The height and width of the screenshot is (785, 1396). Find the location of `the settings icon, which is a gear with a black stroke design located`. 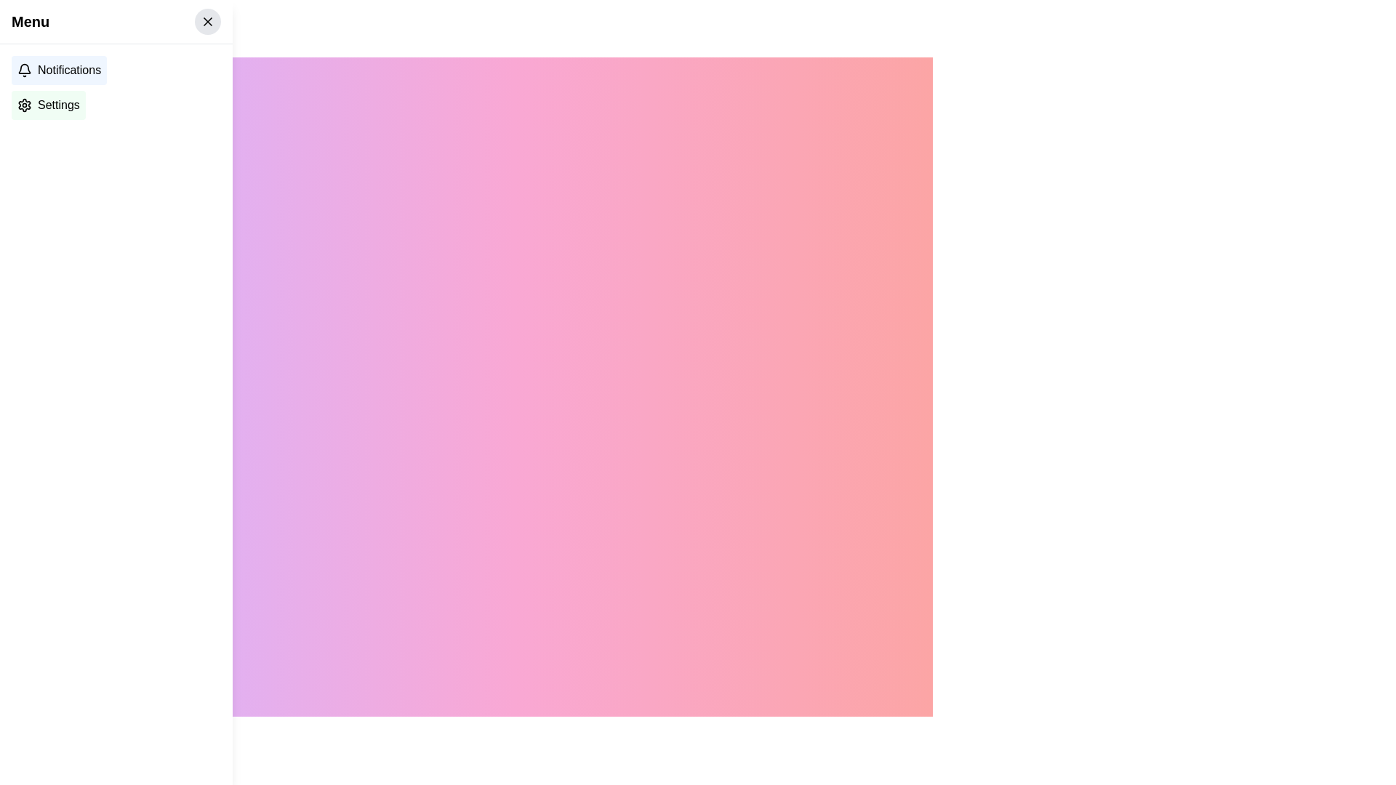

the settings icon, which is a gear with a black stroke design located is located at coordinates (24, 105).